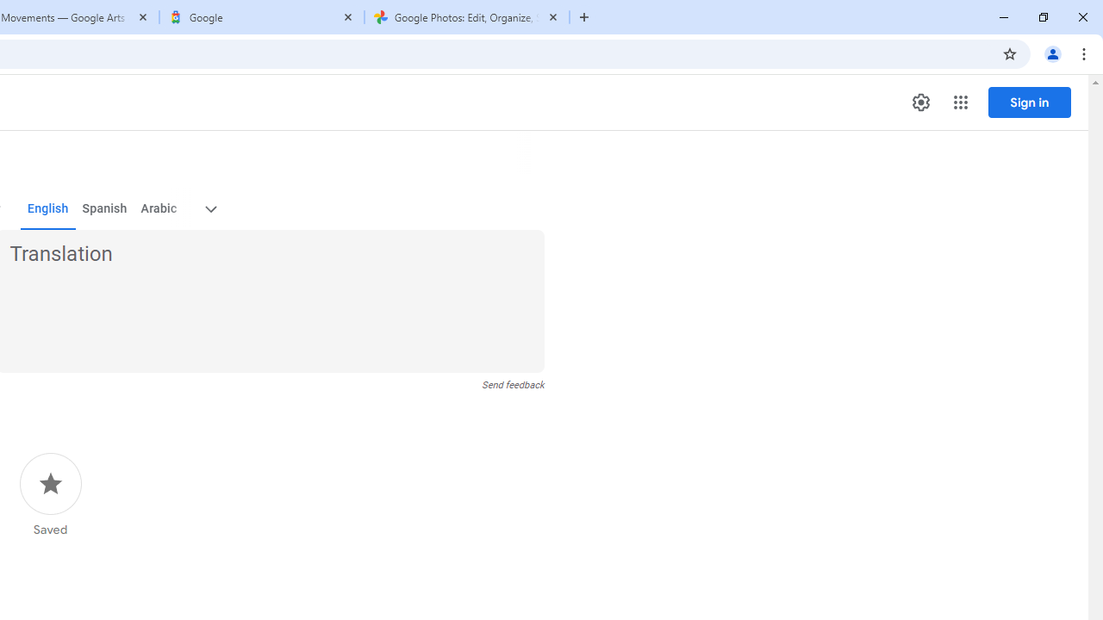  What do you see at coordinates (103, 208) in the screenshot?
I see `'Spanish'` at bounding box center [103, 208].